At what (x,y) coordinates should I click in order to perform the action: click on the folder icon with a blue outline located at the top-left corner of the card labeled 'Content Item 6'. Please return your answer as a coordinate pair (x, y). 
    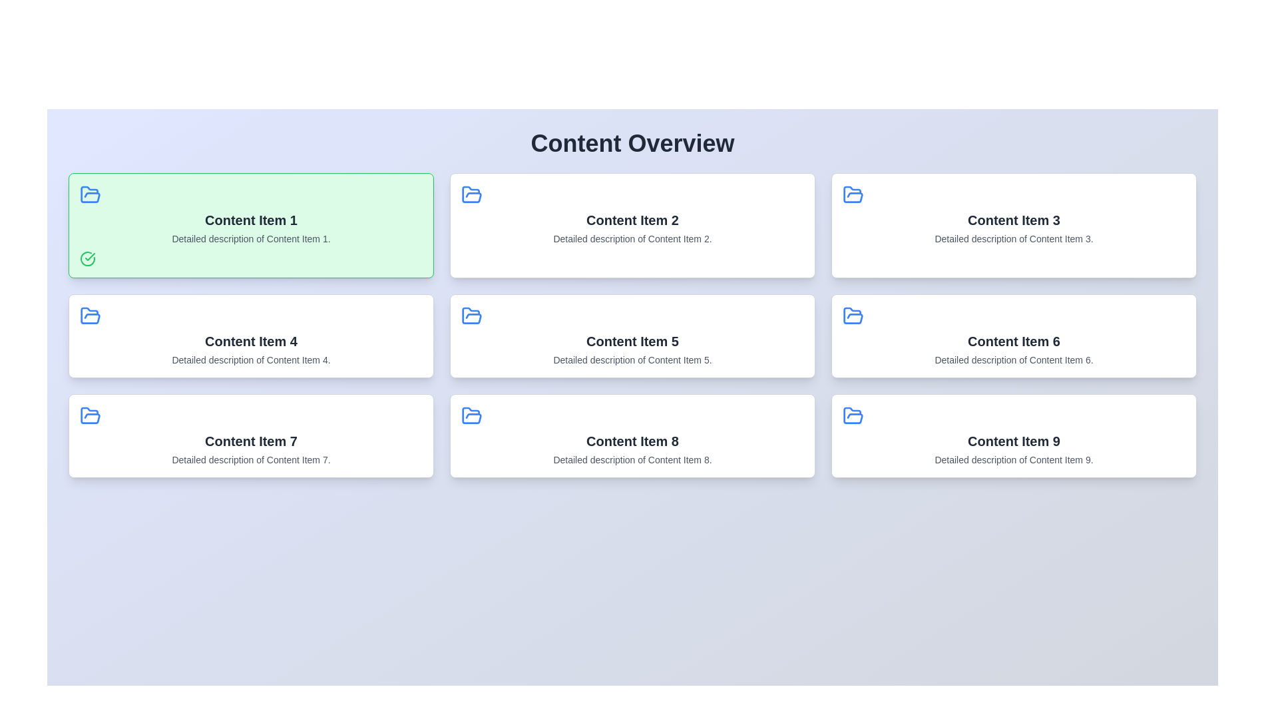
    Looking at the image, I should click on (853, 316).